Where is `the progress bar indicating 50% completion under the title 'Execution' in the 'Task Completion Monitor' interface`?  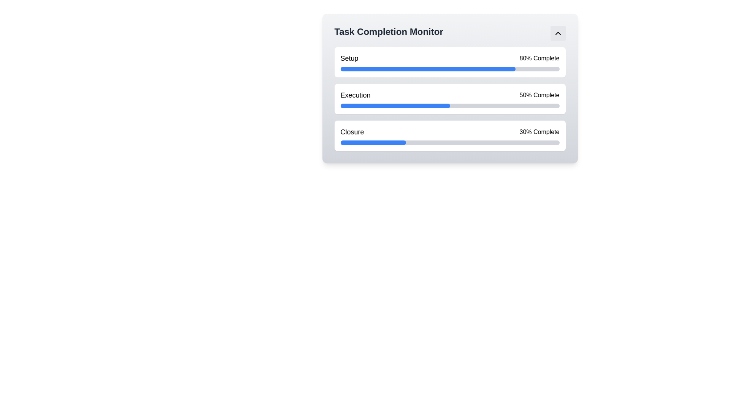 the progress bar indicating 50% completion under the title 'Execution' in the 'Task Completion Monitor' interface is located at coordinates (450, 106).